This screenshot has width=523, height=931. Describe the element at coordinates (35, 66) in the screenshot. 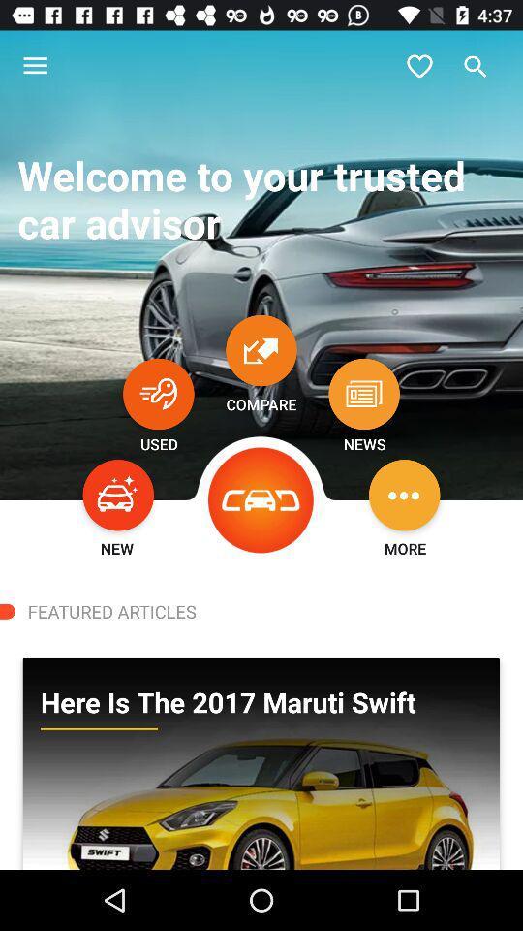

I see `icon at the top left corner` at that location.